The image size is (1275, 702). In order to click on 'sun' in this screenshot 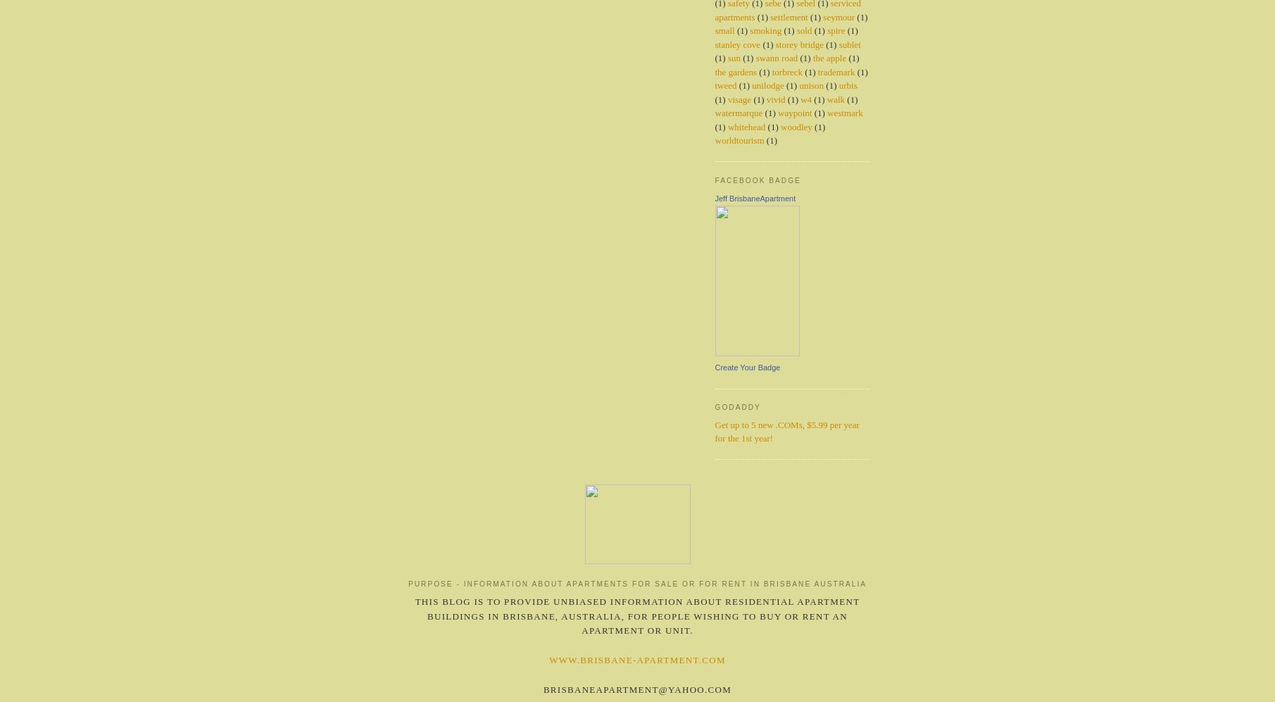, I will do `click(734, 57)`.